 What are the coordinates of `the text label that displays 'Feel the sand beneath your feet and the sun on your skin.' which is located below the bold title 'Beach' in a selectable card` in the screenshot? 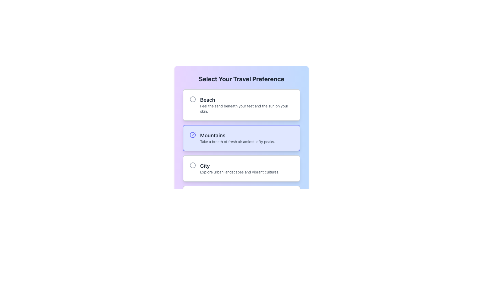 It's located at (246, 108).